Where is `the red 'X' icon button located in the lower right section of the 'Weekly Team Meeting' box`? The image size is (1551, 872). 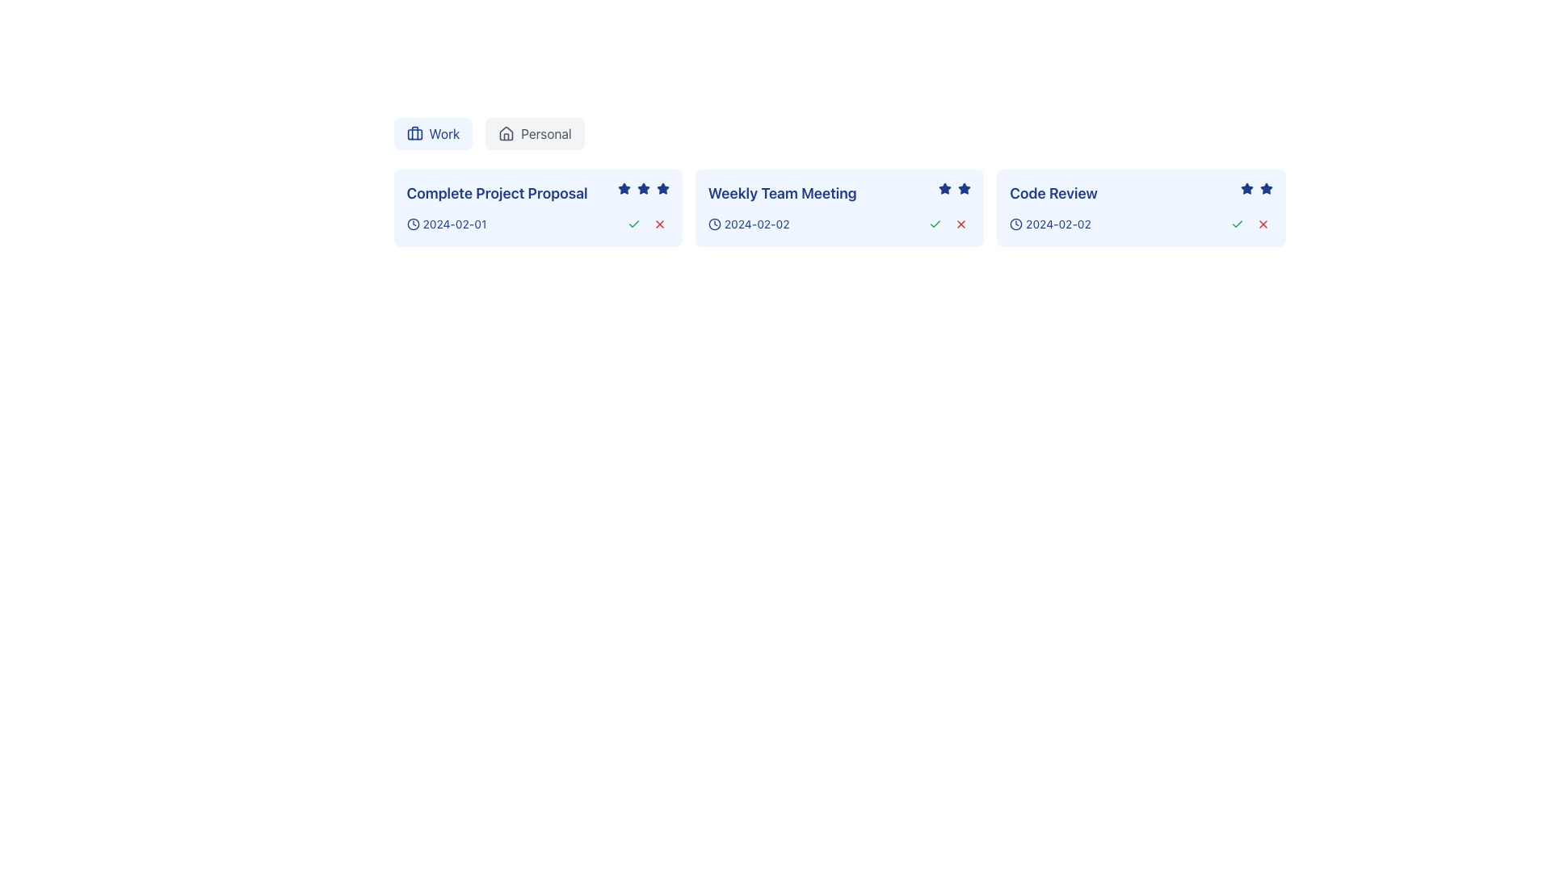 the red 'X' icon button located in the lower right section of the 'Weekly Team Meeting' box is located at coordinates (961, 224).